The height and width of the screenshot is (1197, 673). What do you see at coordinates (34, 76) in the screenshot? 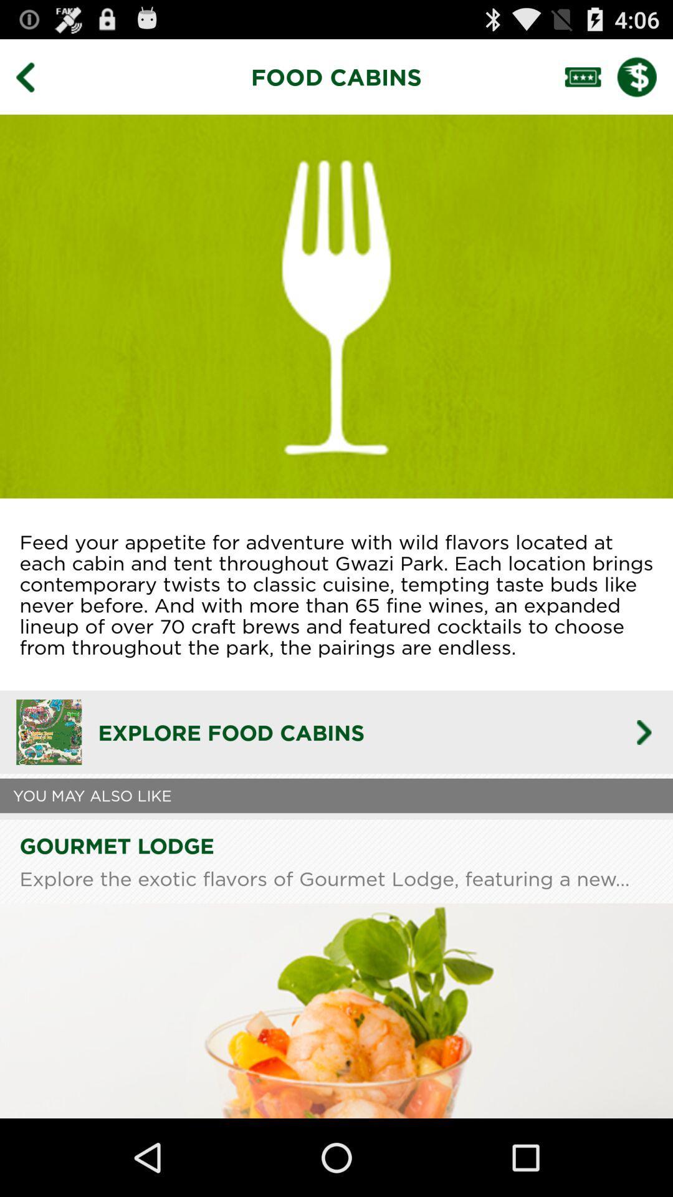
I see `icon at the top left corner` at bounding box center [34, 76].